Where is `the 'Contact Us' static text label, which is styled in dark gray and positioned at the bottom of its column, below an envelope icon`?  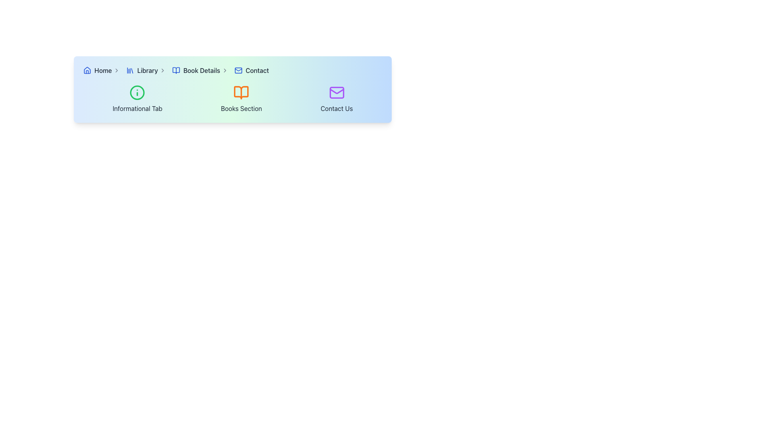 the 'Contact Us' static text label, which is styled in dark gray and positioned at the bottom of its column, below an envelope icon is located at coordinates (337, 108).